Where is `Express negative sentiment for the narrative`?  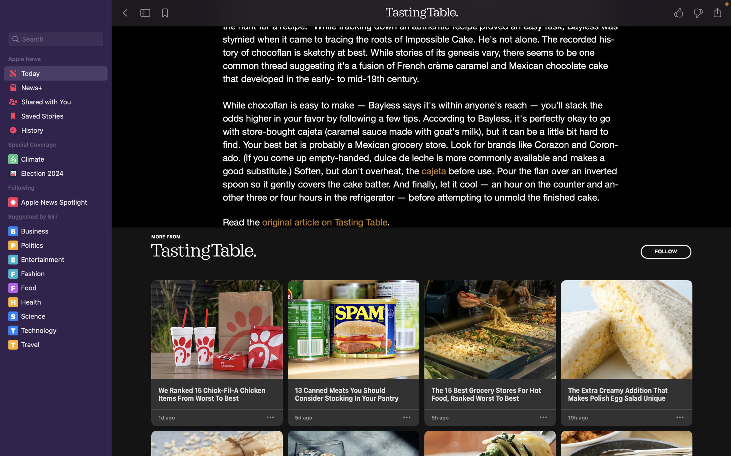 Express negative sentiment for the narrative is located at coordinates (700, 14).